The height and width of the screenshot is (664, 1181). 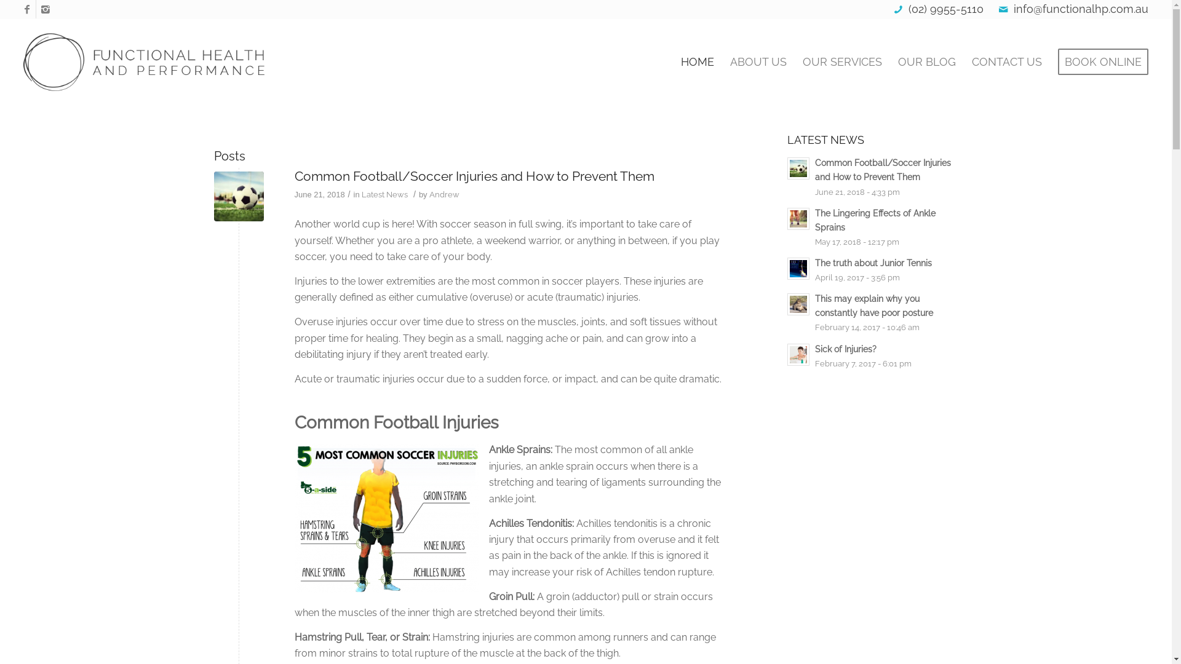 I want to click on 'BOOK ONLINE', so click(x=1099, y=61).